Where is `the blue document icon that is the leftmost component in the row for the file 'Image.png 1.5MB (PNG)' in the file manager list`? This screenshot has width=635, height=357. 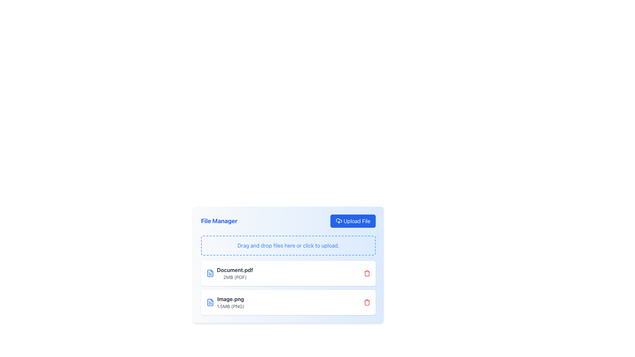
the blue document icon that is the leftmost component in the row for the file 'Image.png 1.5MB (PNG)' in the file manager list is located at coordinates (210, 302).